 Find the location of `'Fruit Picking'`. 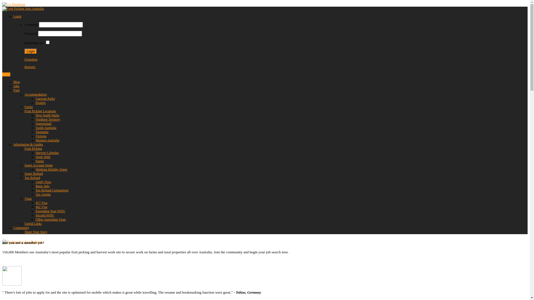

'Fruit Picking' is located at coordinates (24, 148).